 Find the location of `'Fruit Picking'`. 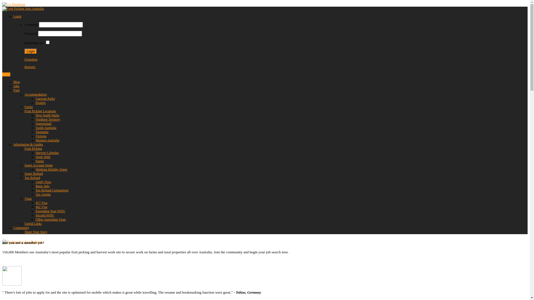

'Fruit Picking' is located at coordinates (24, 148).